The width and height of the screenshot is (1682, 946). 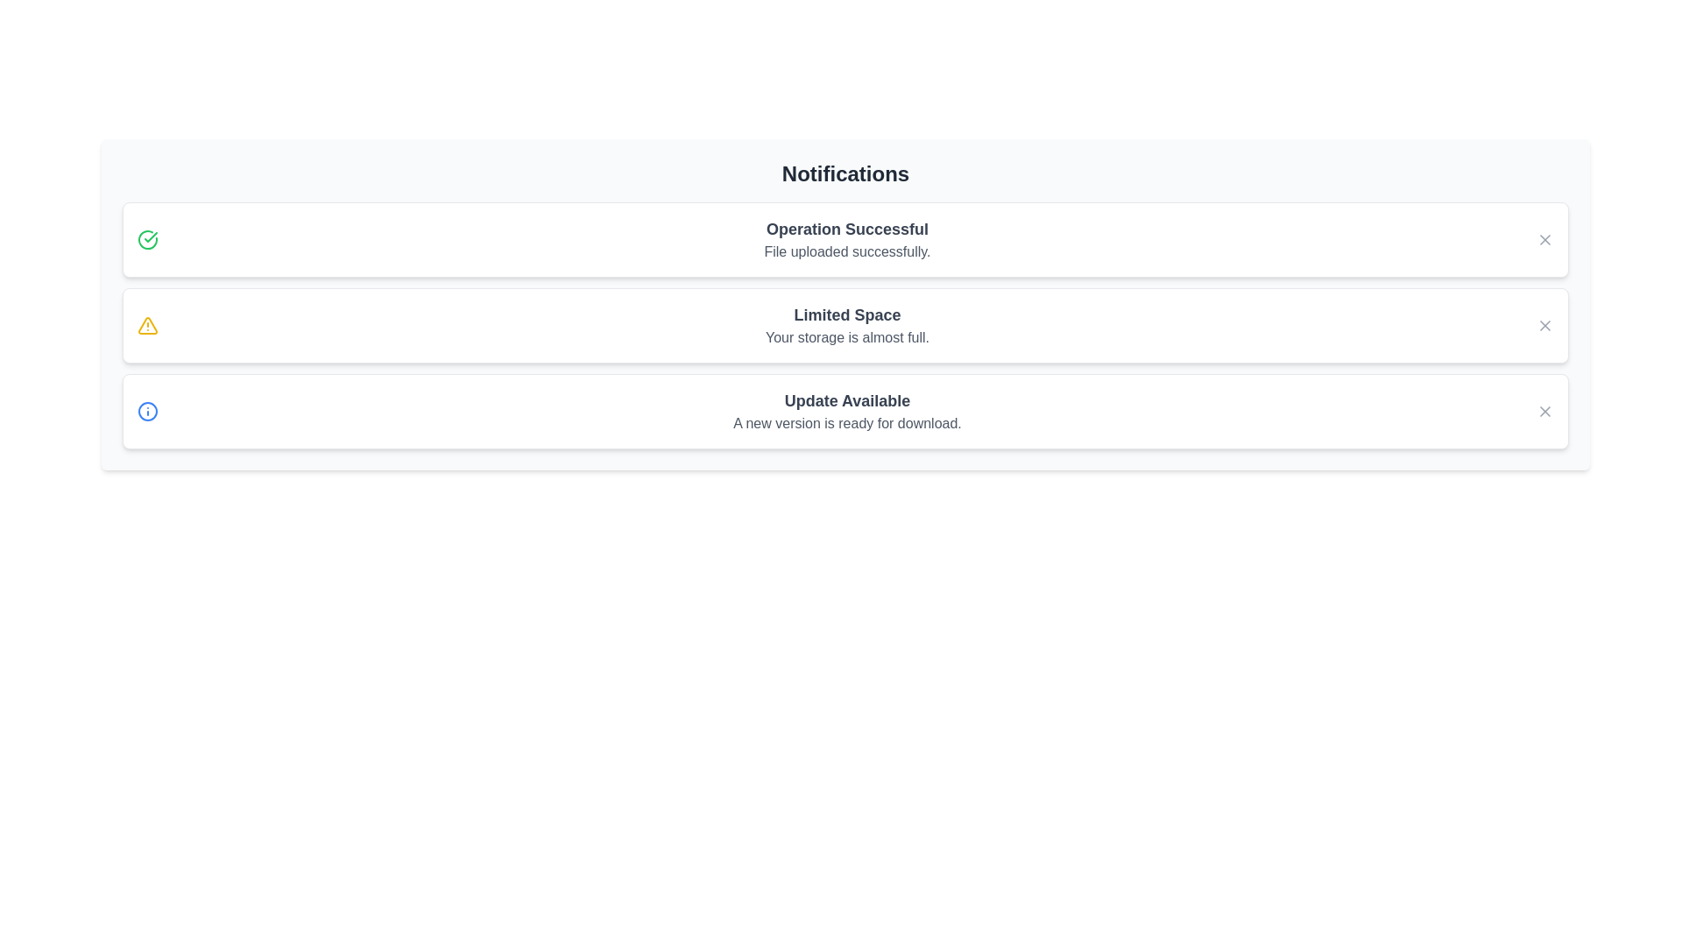 I want to click on the close button of the notification with title Limited Space, so click(x=1544, y=325).